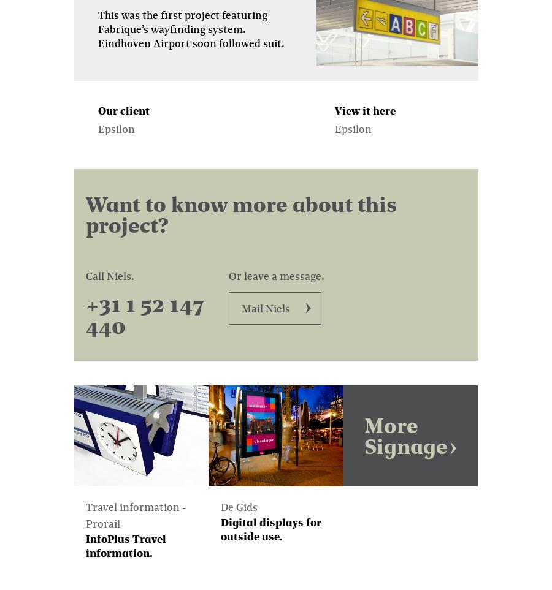 This screenshot has width=552, height=590. What do you see at coordinates (365, 109) in the screenshot?
I see `'View it here'` at bounding box center [365, 109].